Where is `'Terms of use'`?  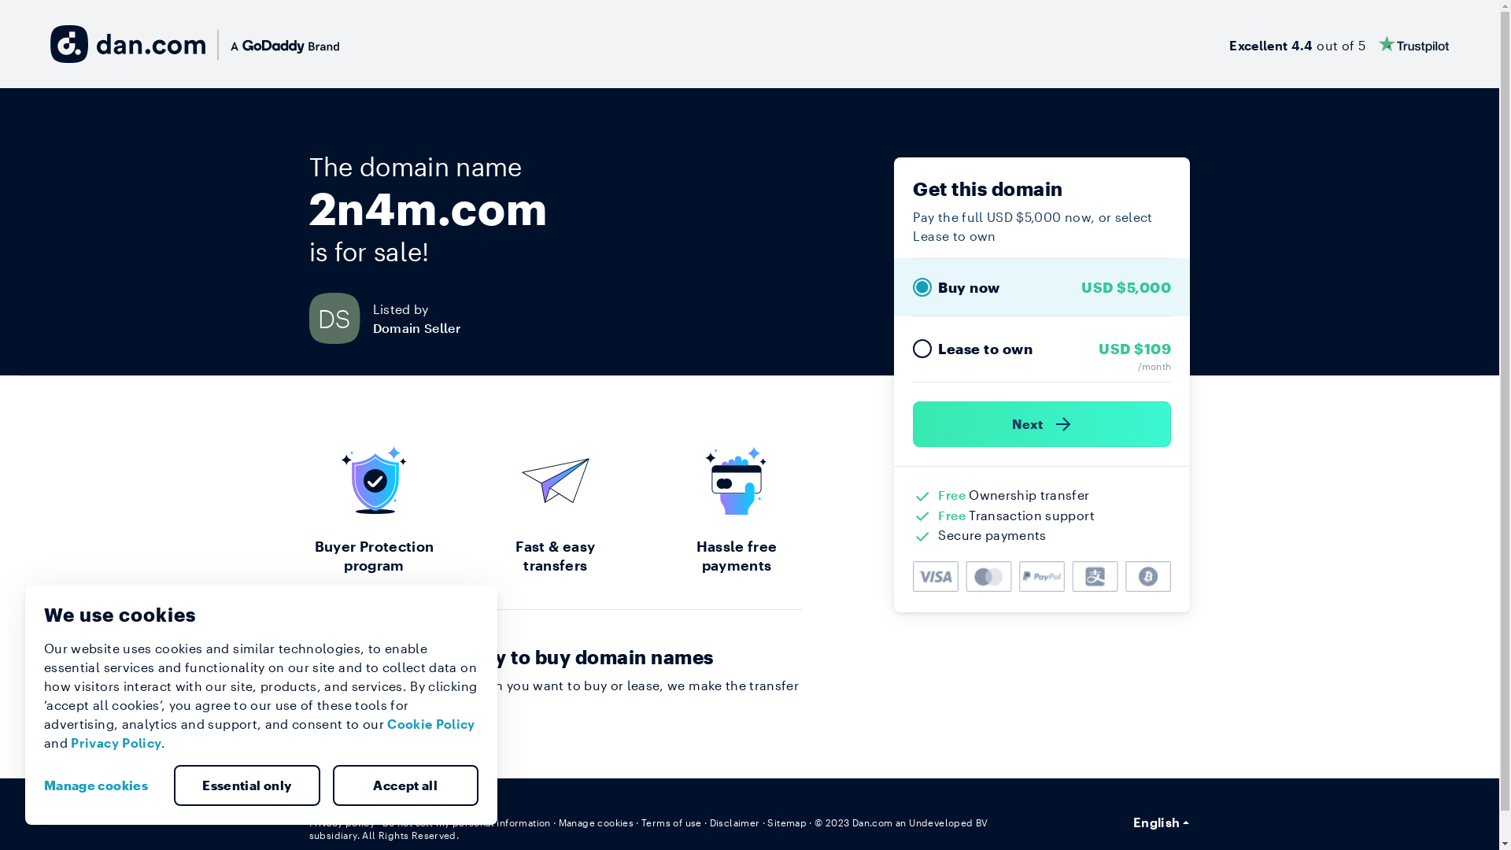 'Terms of use' is located at coordinates (641, 822).